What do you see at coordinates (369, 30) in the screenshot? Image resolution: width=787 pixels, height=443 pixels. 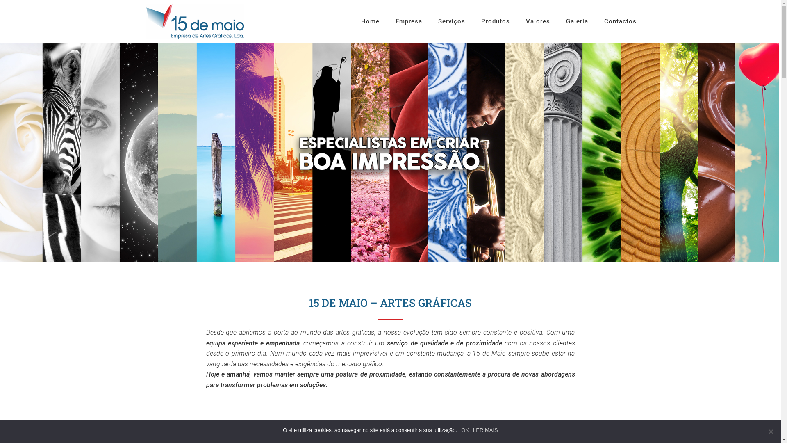 I see `'Home'` at bounding box center [369, 30].